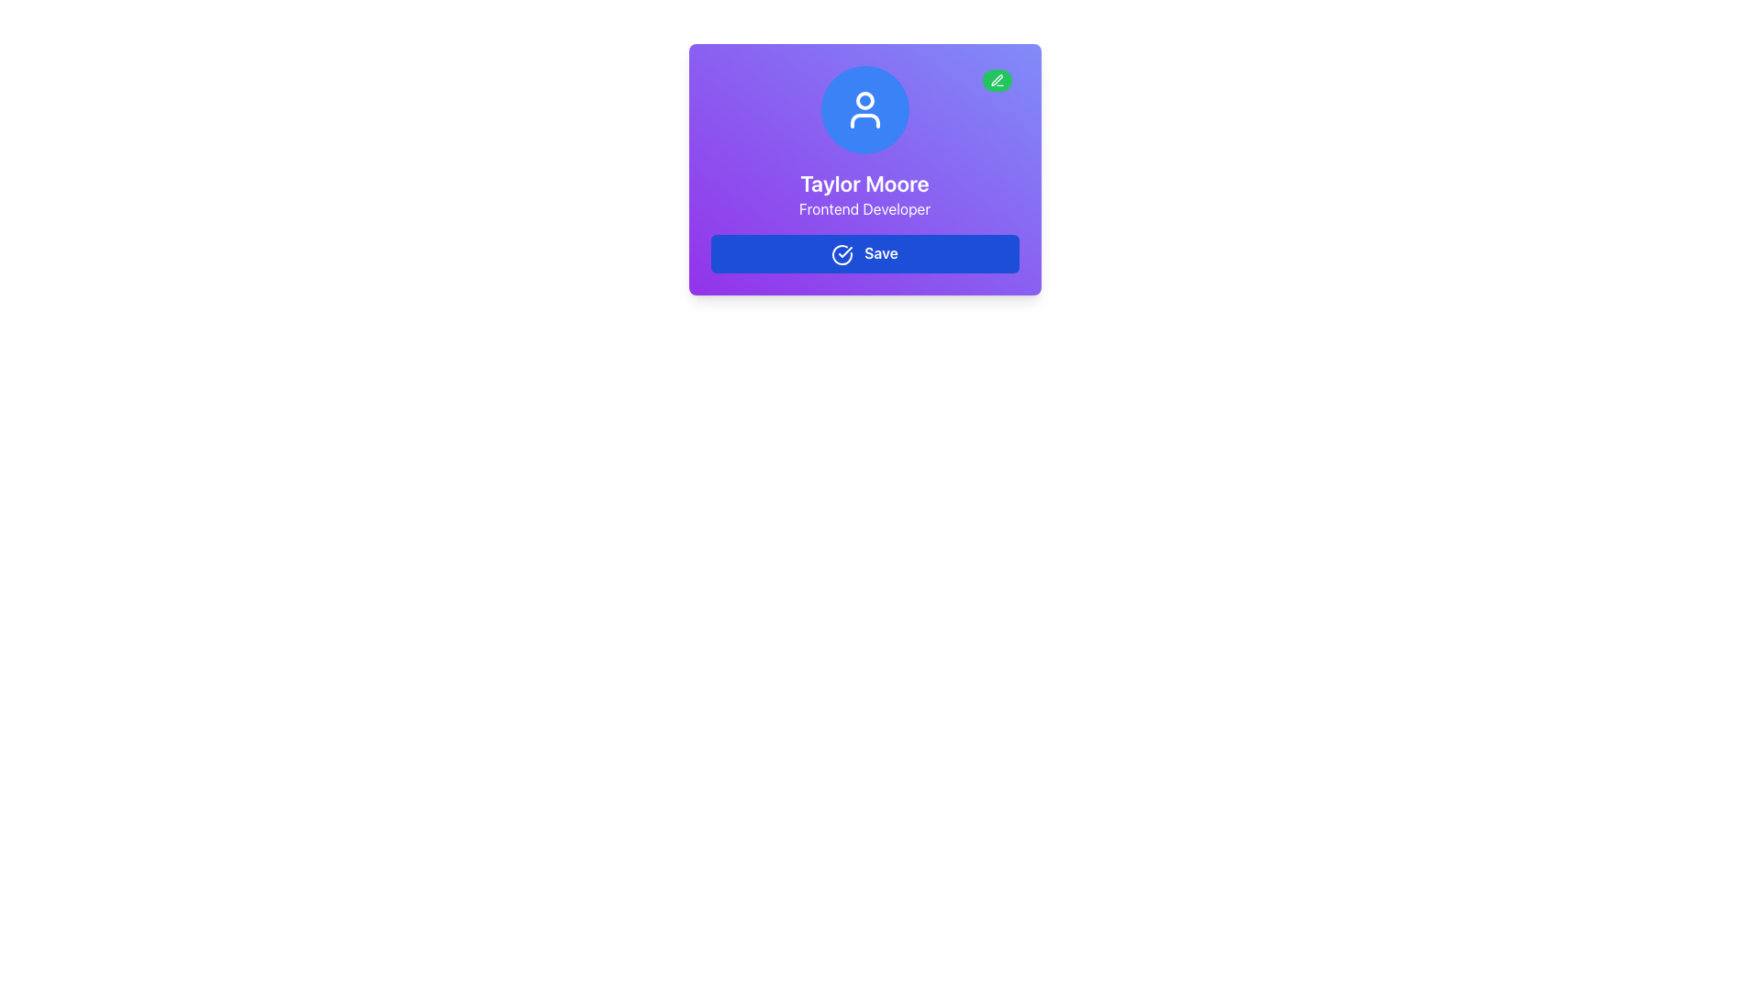  Describe the element at coordinates (864, 109) in the screenshot. I see `the user profile icon centered within a blue circular background at the top of the purple rectangular card` at that location.